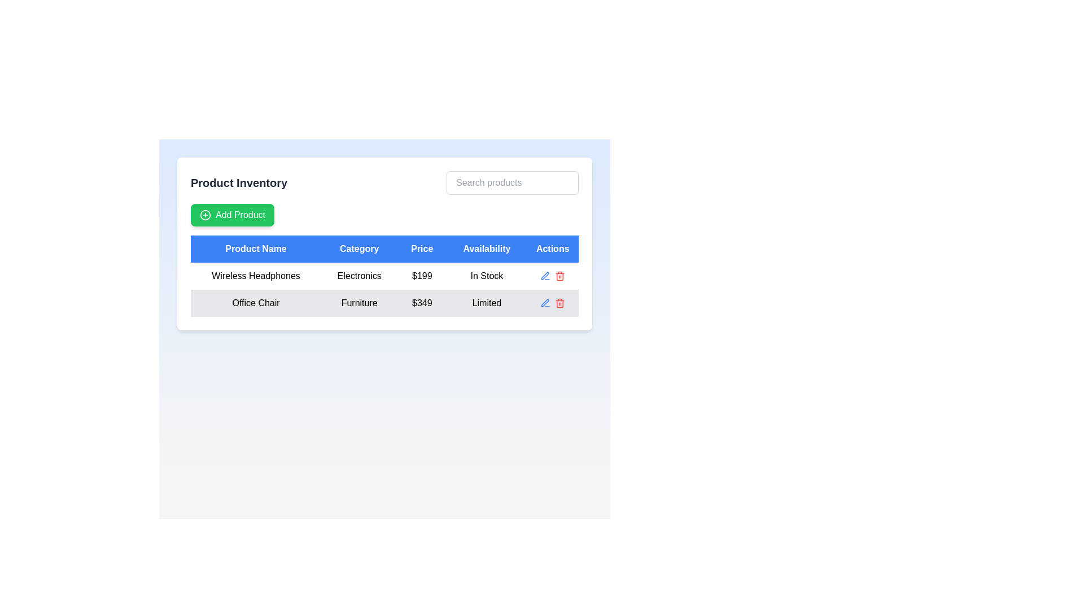 The image size is (1084, 610). Describe the element at coordinates (553, 276) in the screenshot. I see `the trashcan icon in the actions column of the row for 'Wireless Headphones', which is part of a horizontally-aligned group of interactive icons` at that location.